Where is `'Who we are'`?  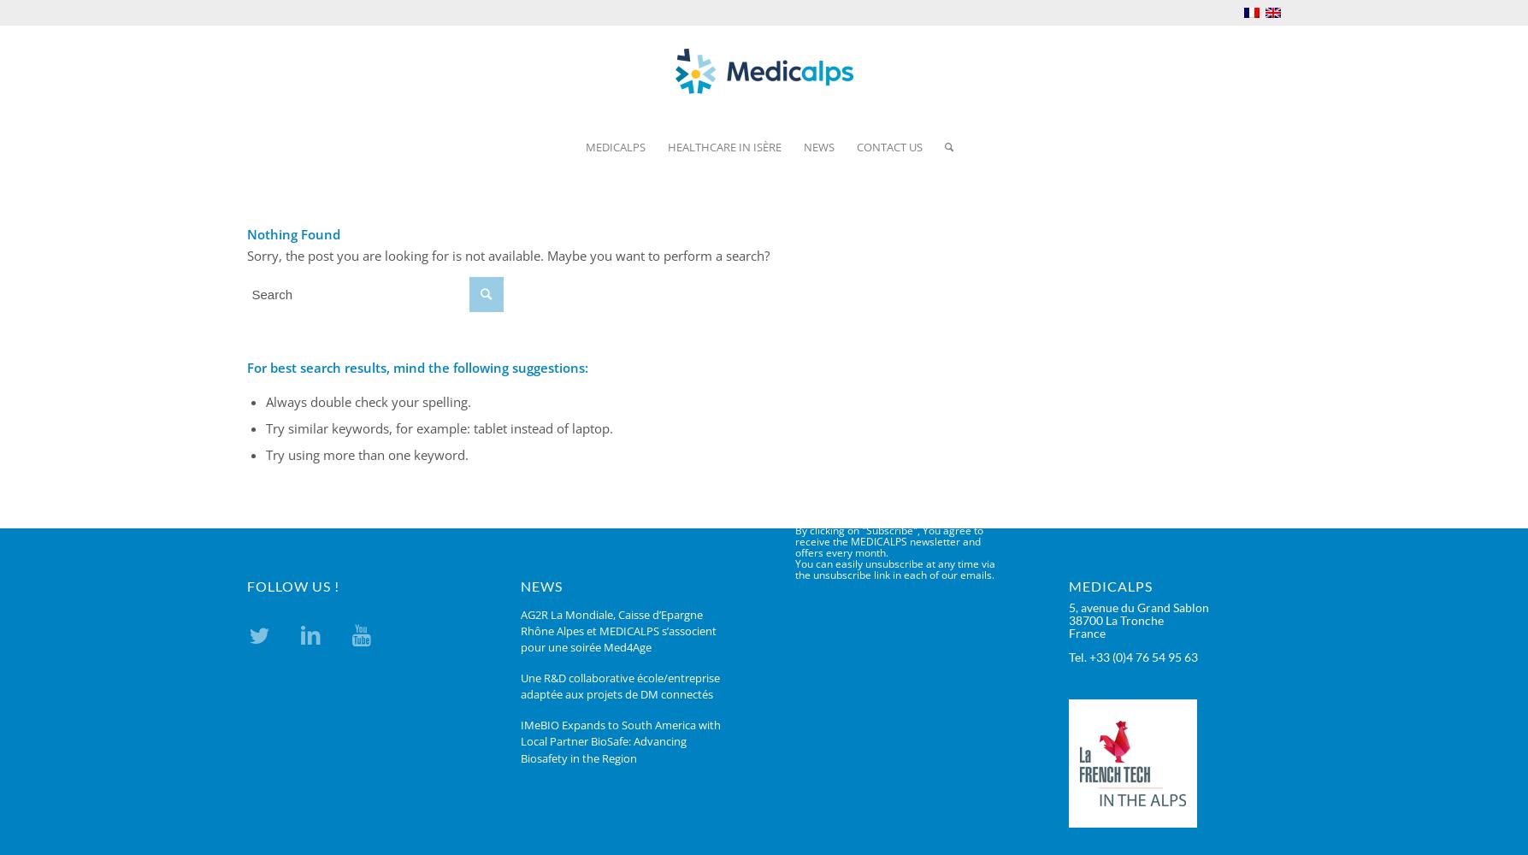 'Who we are' is located at coordinates (617, 185).